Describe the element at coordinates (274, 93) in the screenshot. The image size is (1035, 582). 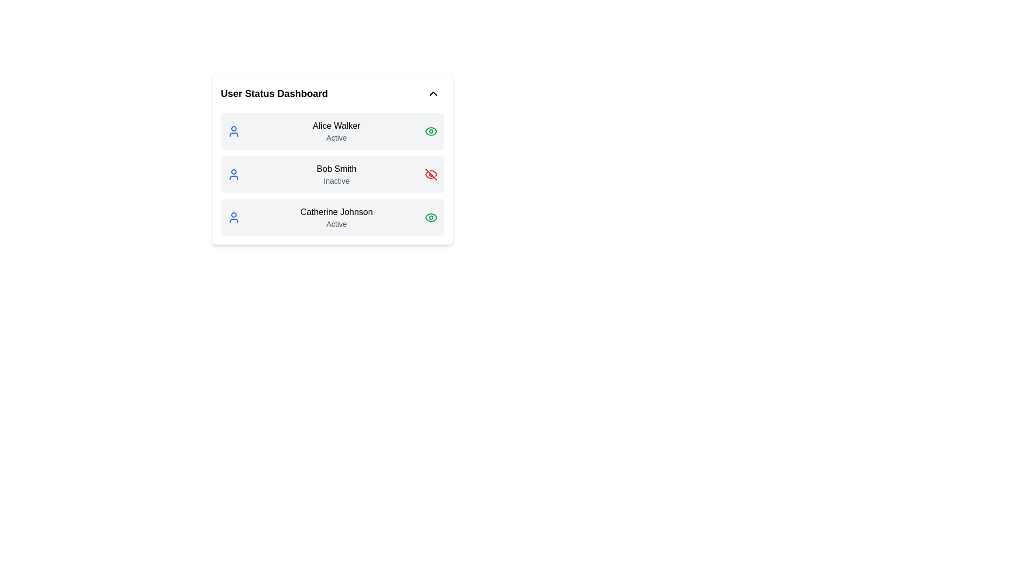
I see `the prominent 'User Status Dashboard' text label located at the top of the UI, which is the first element among its siblings` at that location.